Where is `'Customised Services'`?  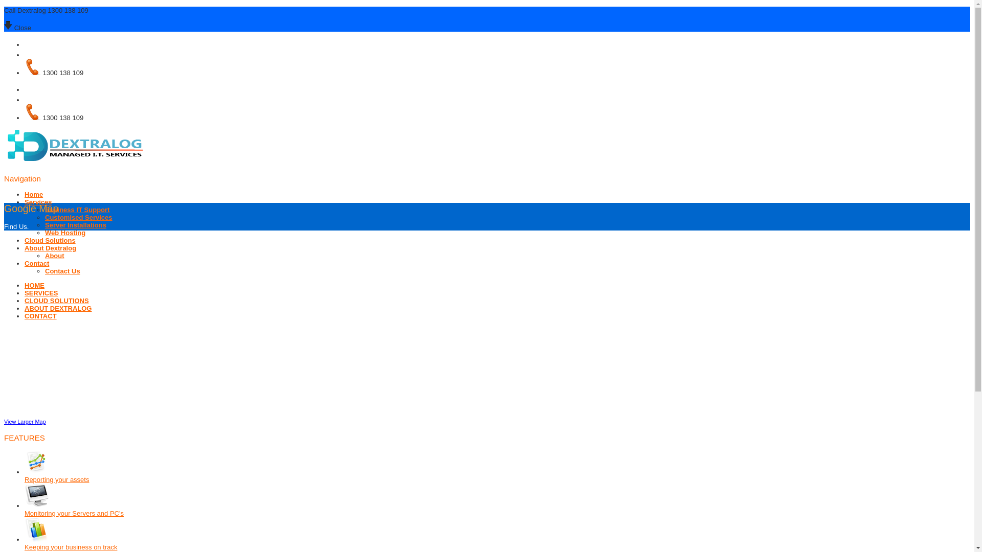 'Customised Services' is located at coordinates (78, 217).